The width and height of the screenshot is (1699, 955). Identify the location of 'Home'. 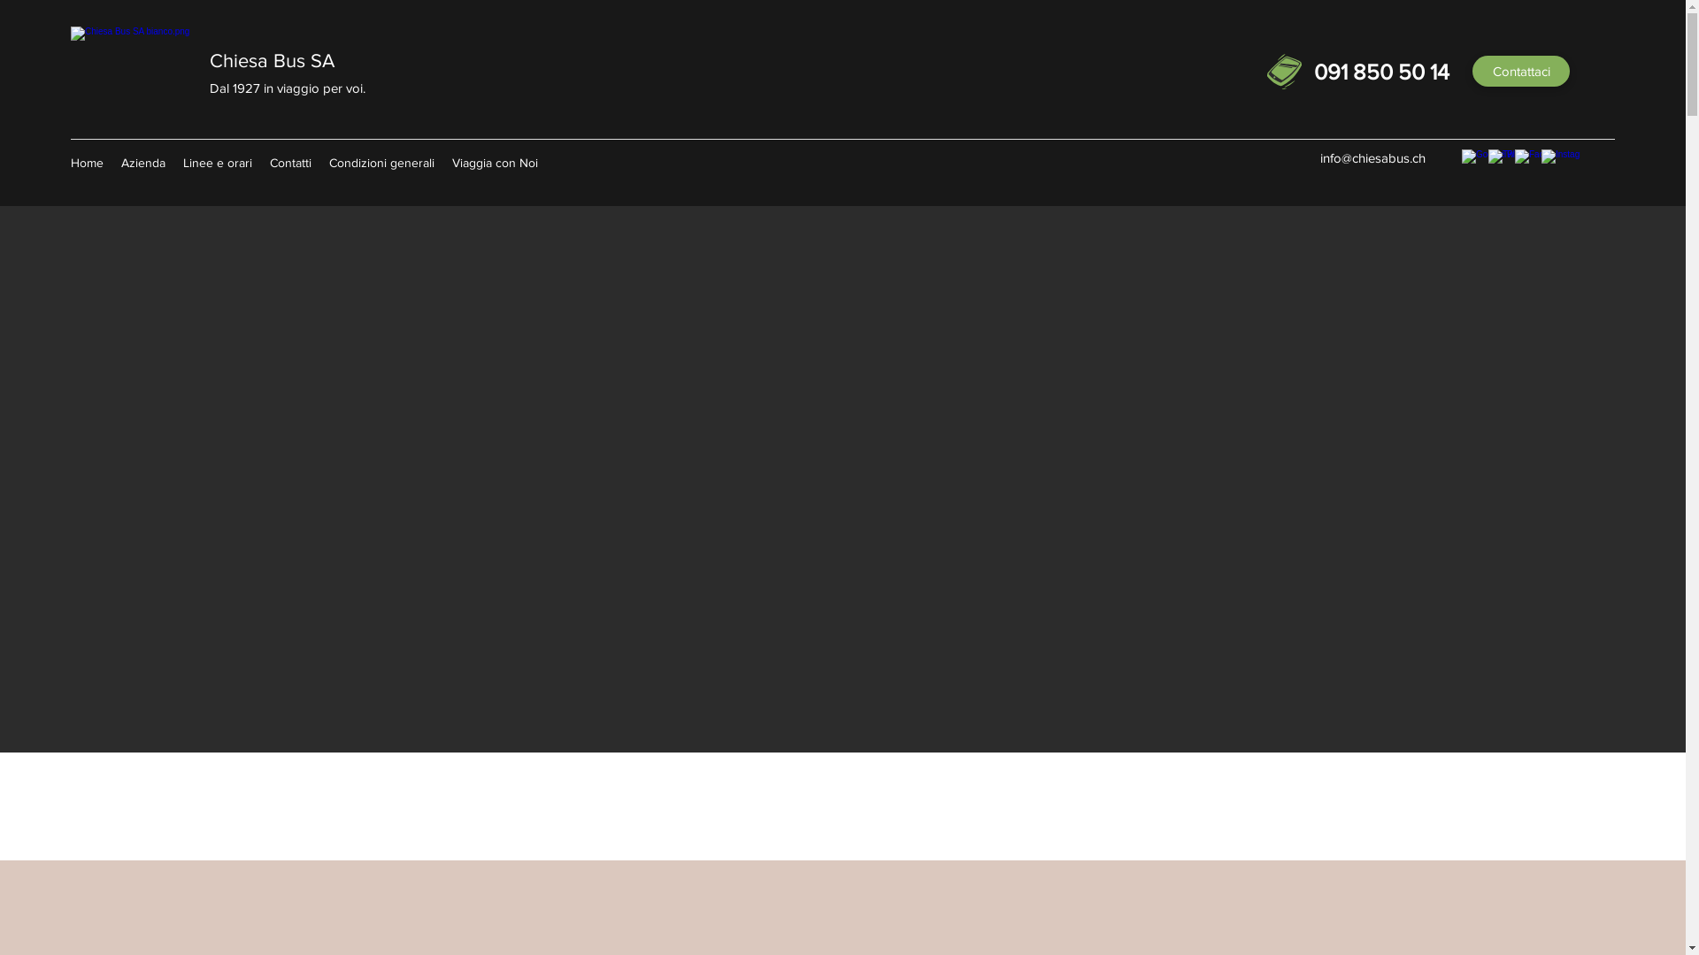
(86, 163).